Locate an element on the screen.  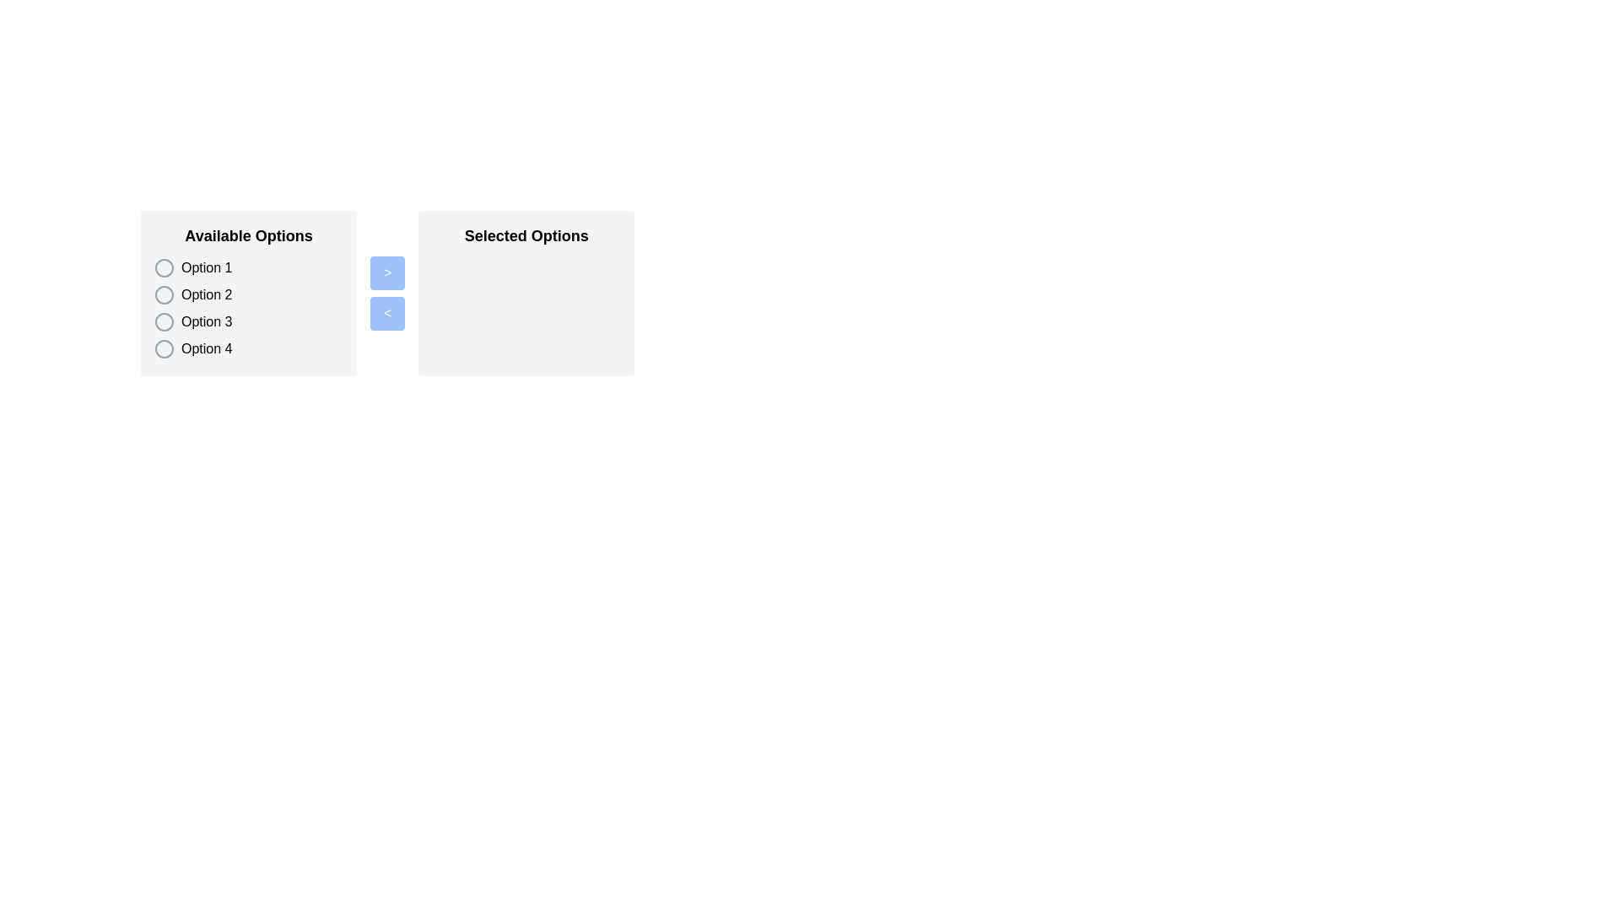
the radio button styled as a circle icon located to the left of the text label 'Option 1' is located at coordinates (165, 267).